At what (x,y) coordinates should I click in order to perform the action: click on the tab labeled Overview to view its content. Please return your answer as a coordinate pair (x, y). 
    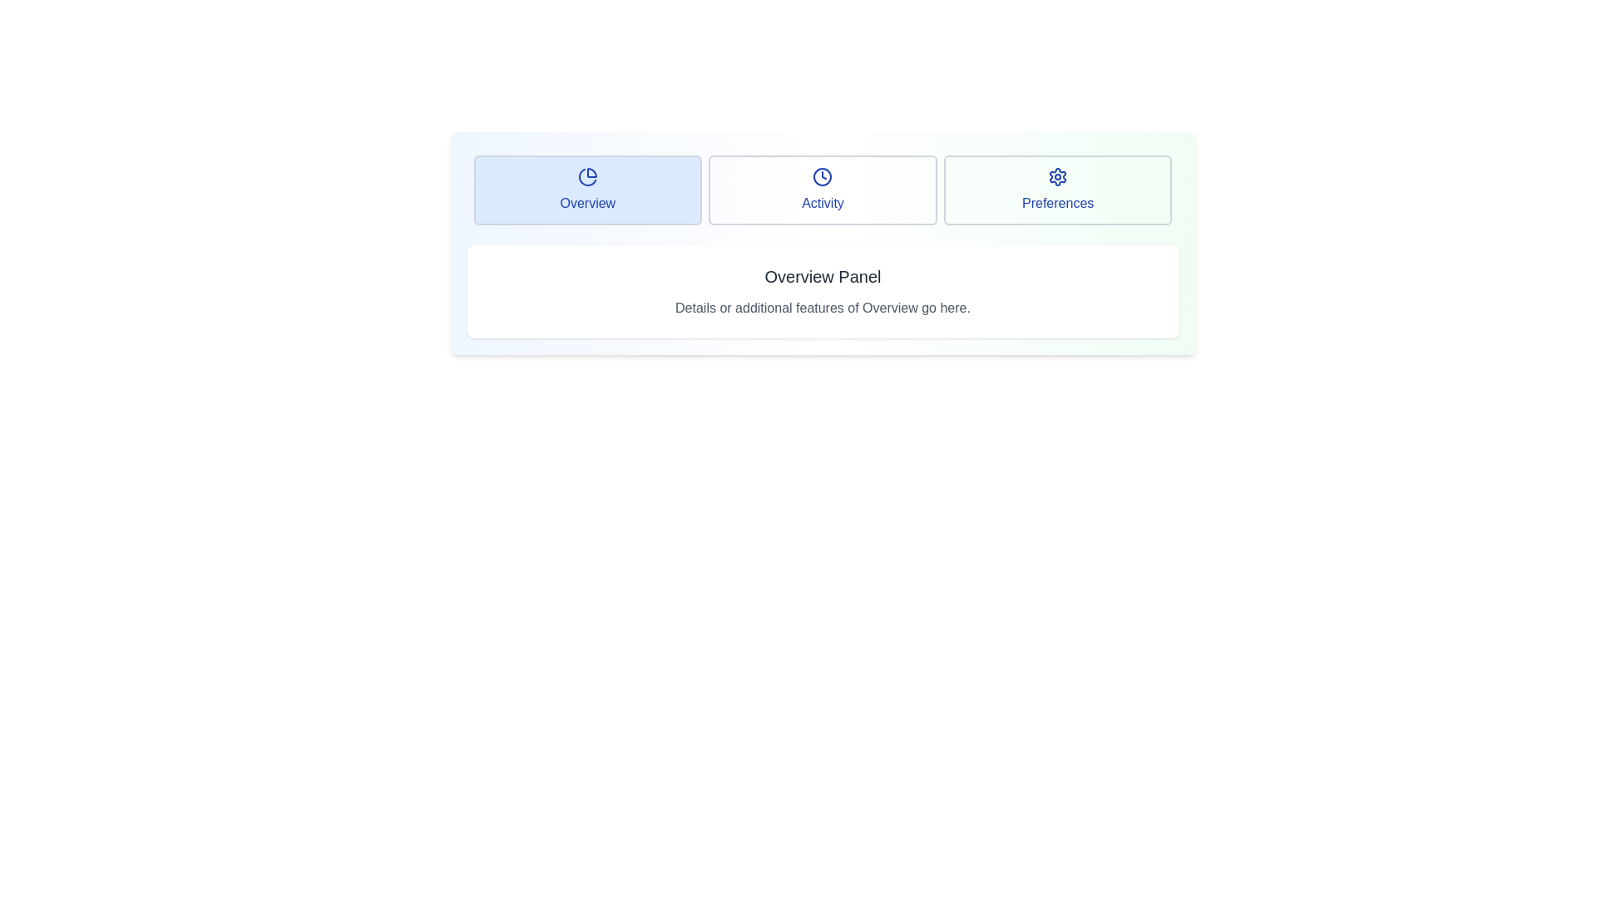
    Looking at the image, I should click on (587, 189).